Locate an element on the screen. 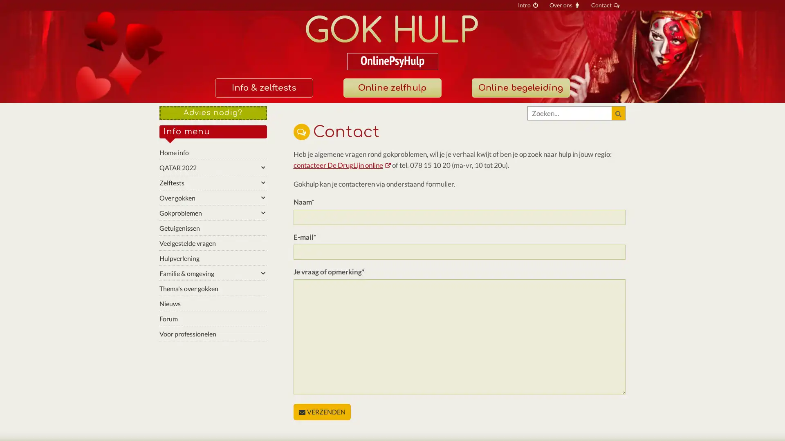  VERZENDEN is located at coordinates (321, 412).